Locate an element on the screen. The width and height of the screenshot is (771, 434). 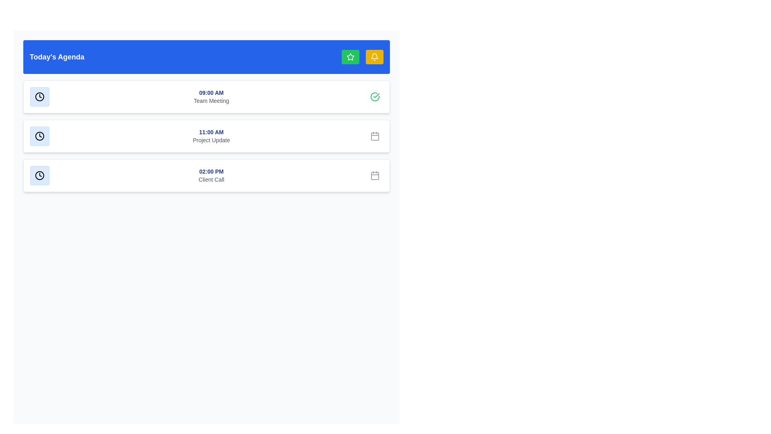
the green button with a star icon outlined in white, located at the leftmost position of the horizontal blue bar at the top of the interface is located at coordinates (351, 57).